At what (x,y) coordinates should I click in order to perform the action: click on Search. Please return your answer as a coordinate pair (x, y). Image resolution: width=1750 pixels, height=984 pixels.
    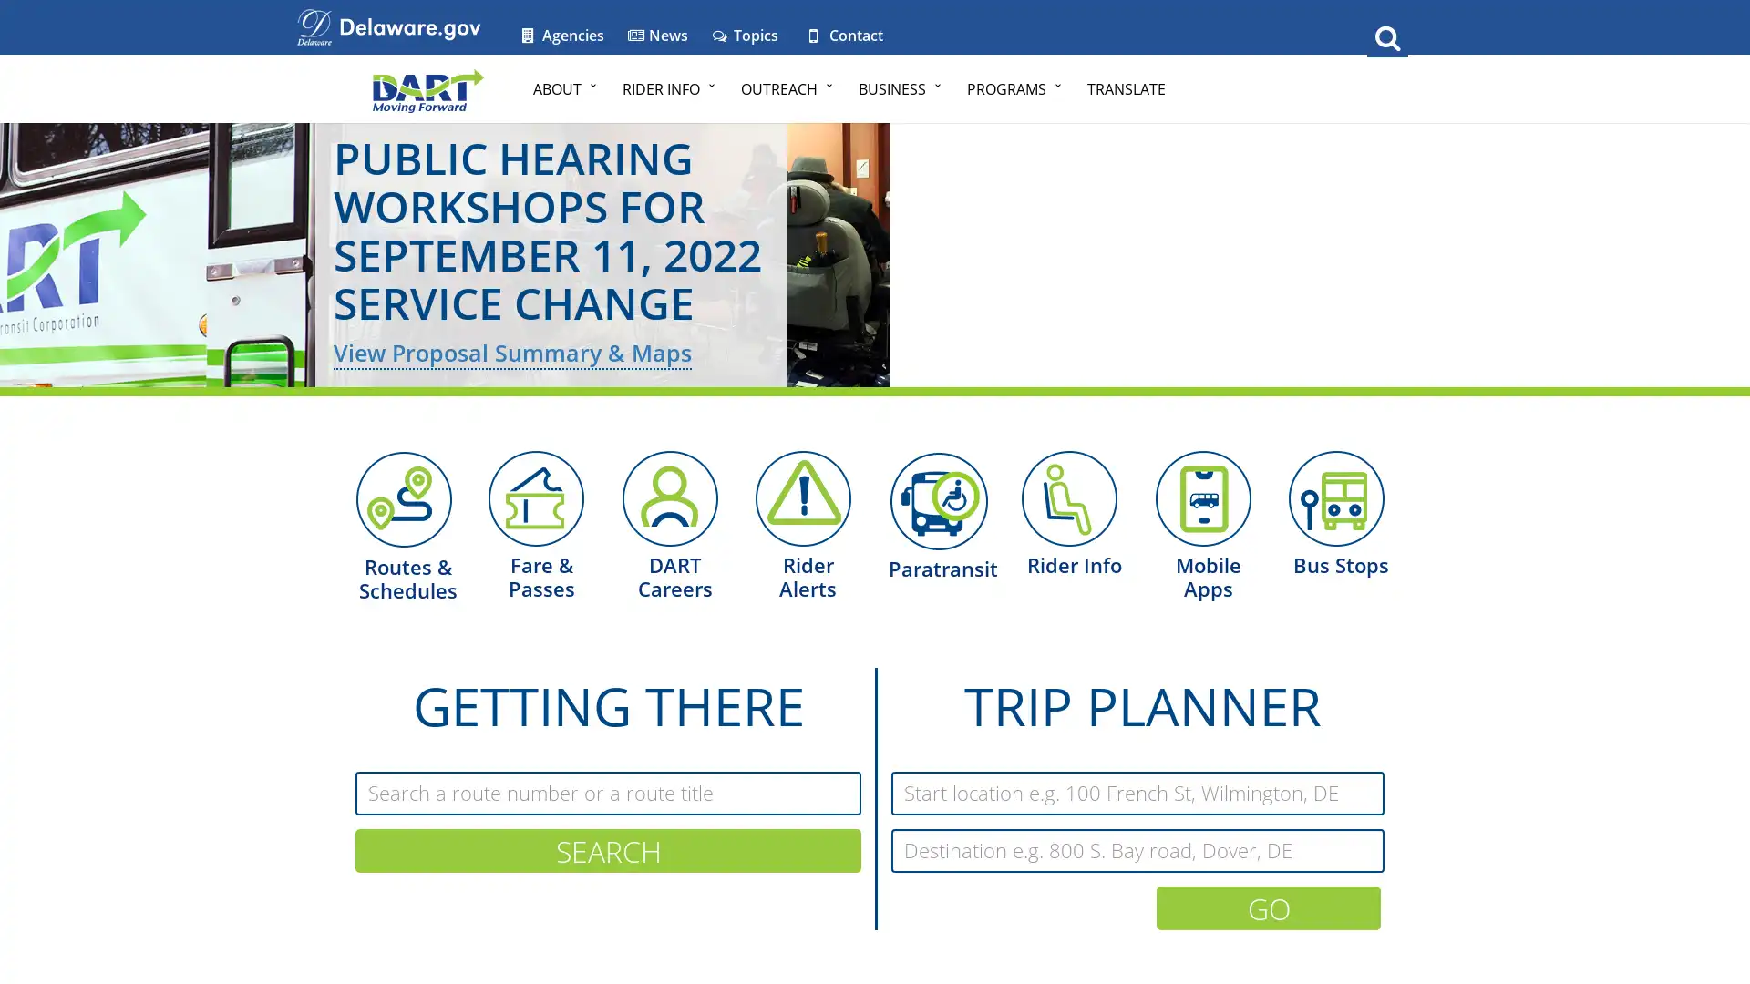
    Looking at the image, I should click on (1386, 36).